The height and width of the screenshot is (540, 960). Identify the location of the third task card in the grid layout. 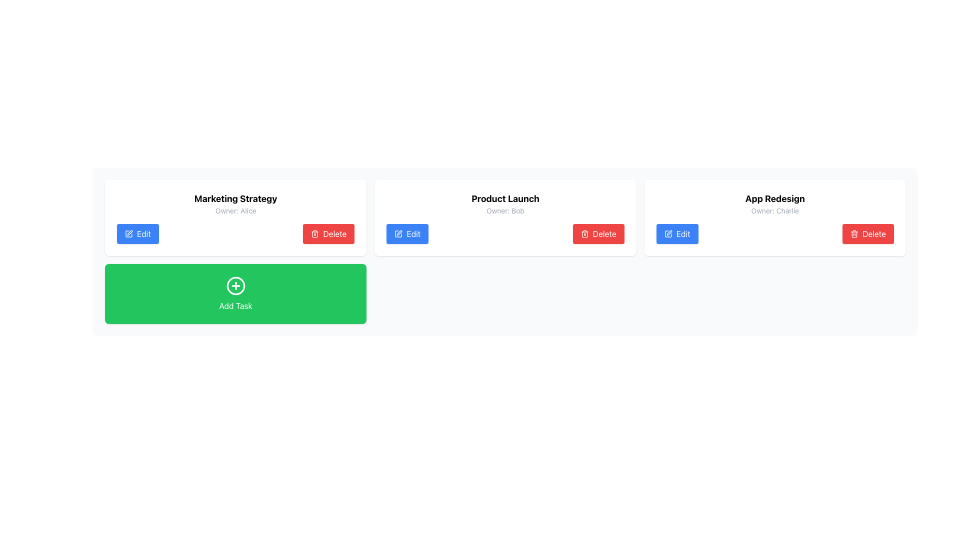
(774, 217).